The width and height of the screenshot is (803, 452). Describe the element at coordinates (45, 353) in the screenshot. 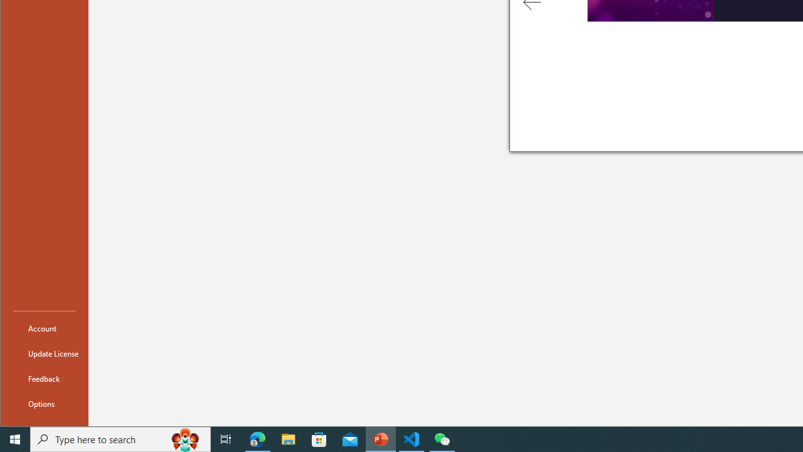

I see `'Update License'` at that location.